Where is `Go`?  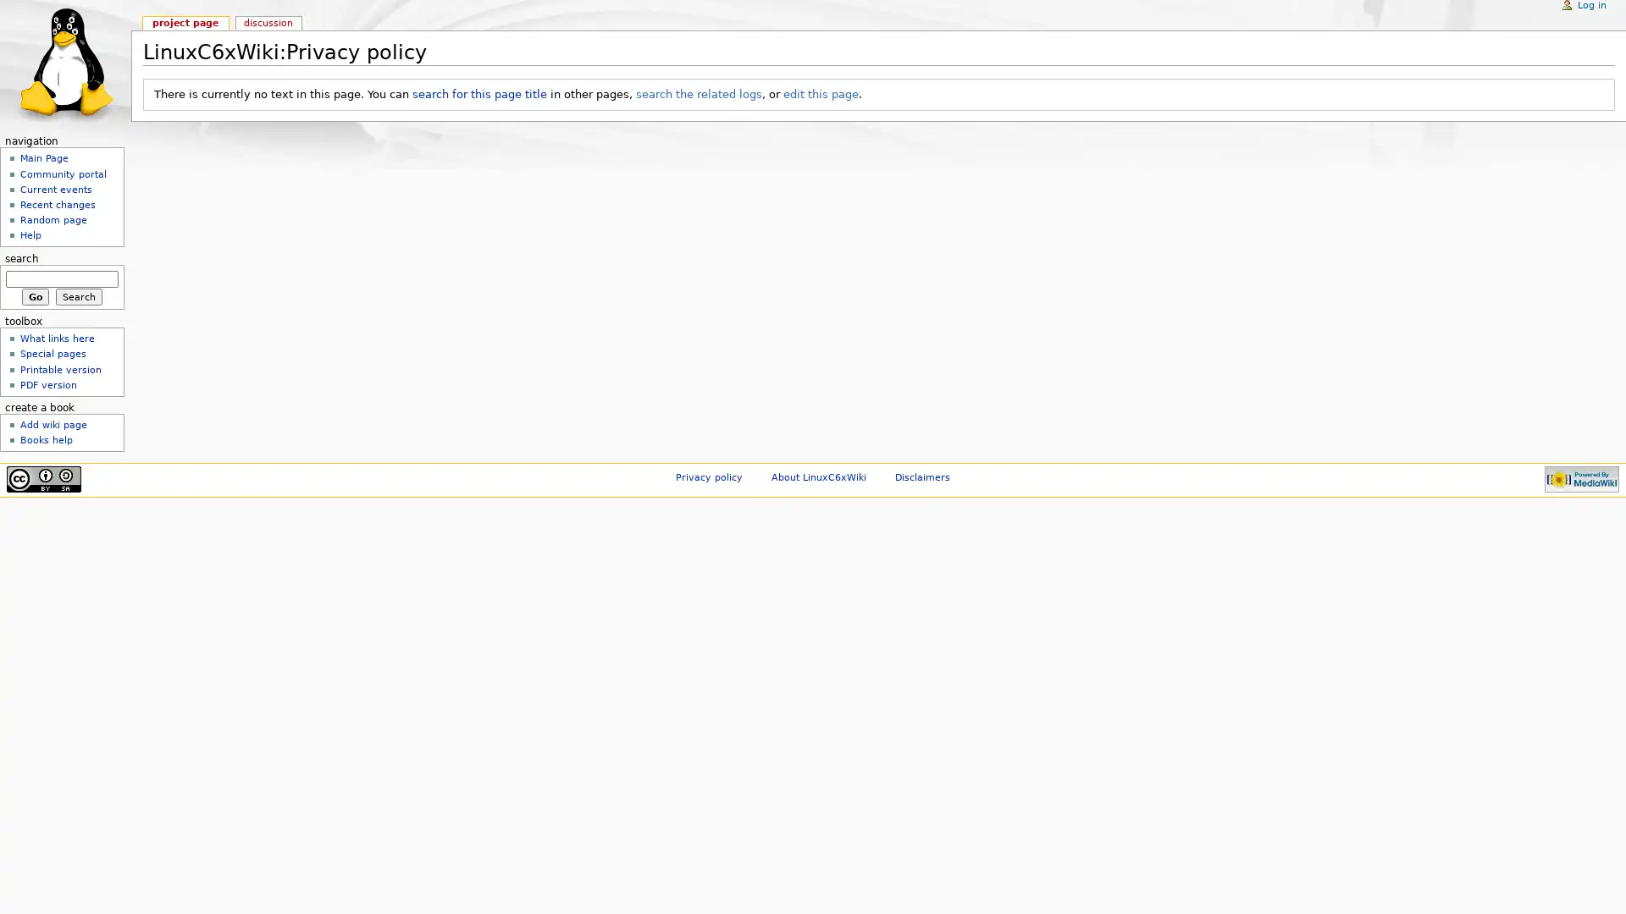 Go is located at coordinates (35, 295).